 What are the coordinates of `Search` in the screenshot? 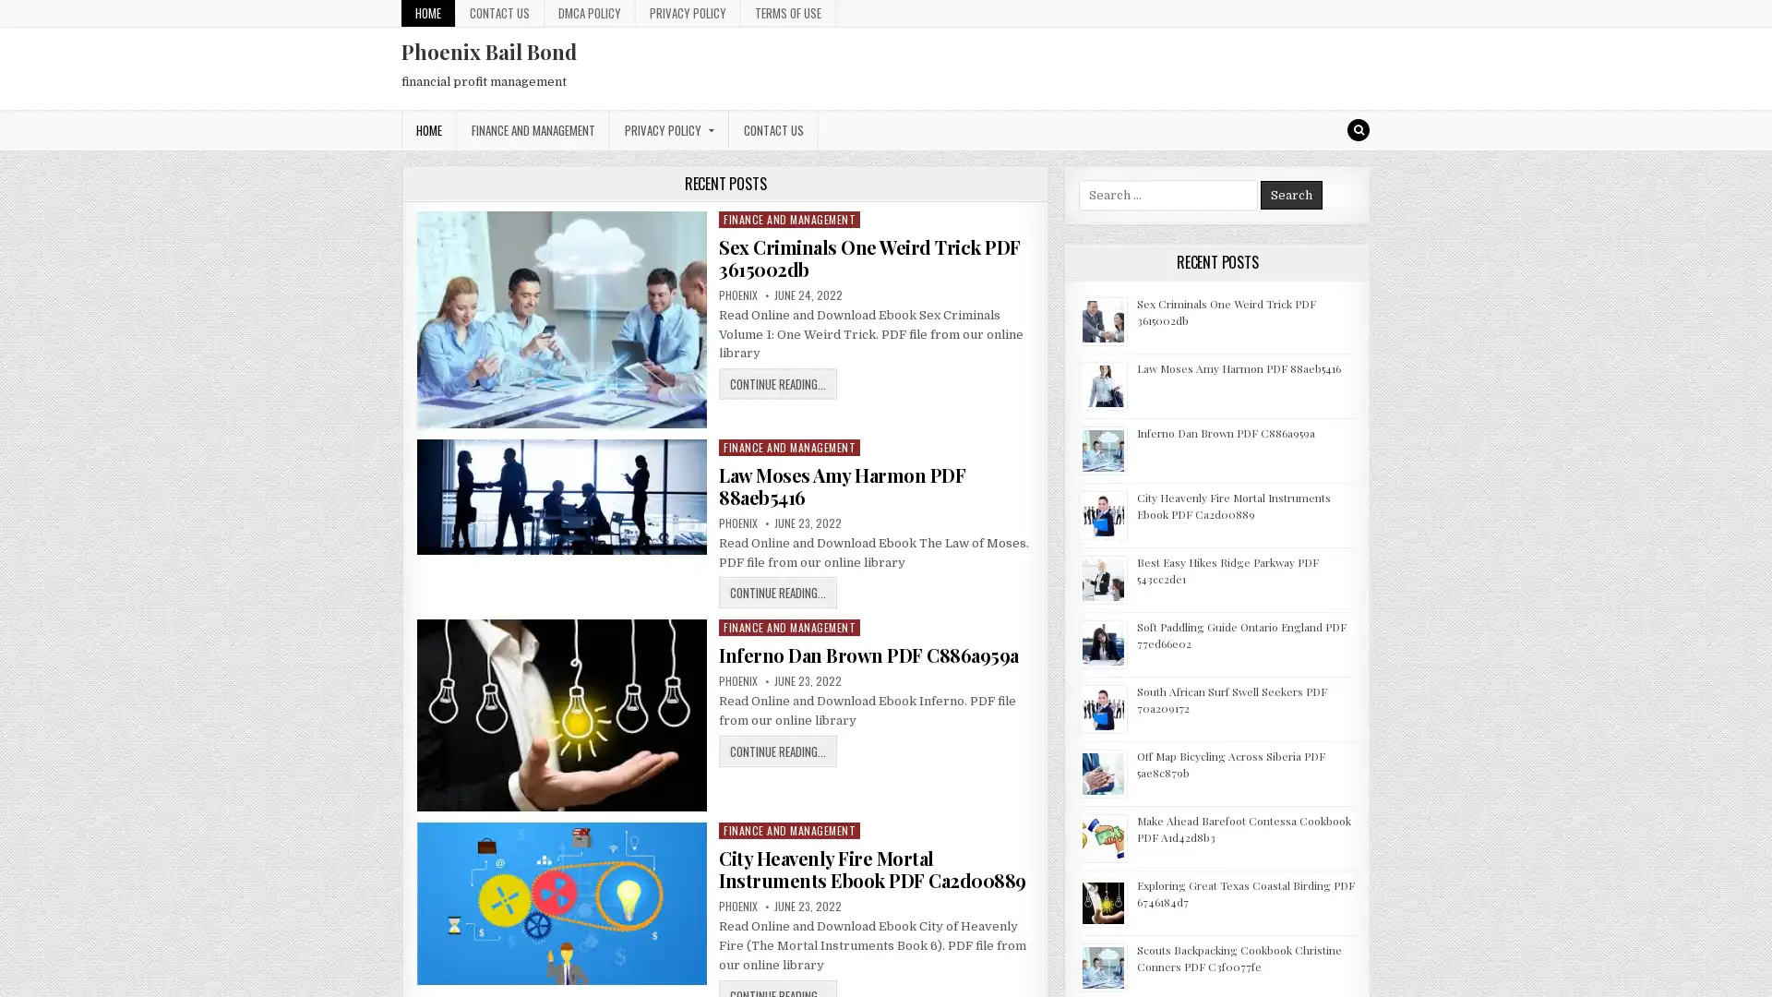 It's located at (1290, 195).